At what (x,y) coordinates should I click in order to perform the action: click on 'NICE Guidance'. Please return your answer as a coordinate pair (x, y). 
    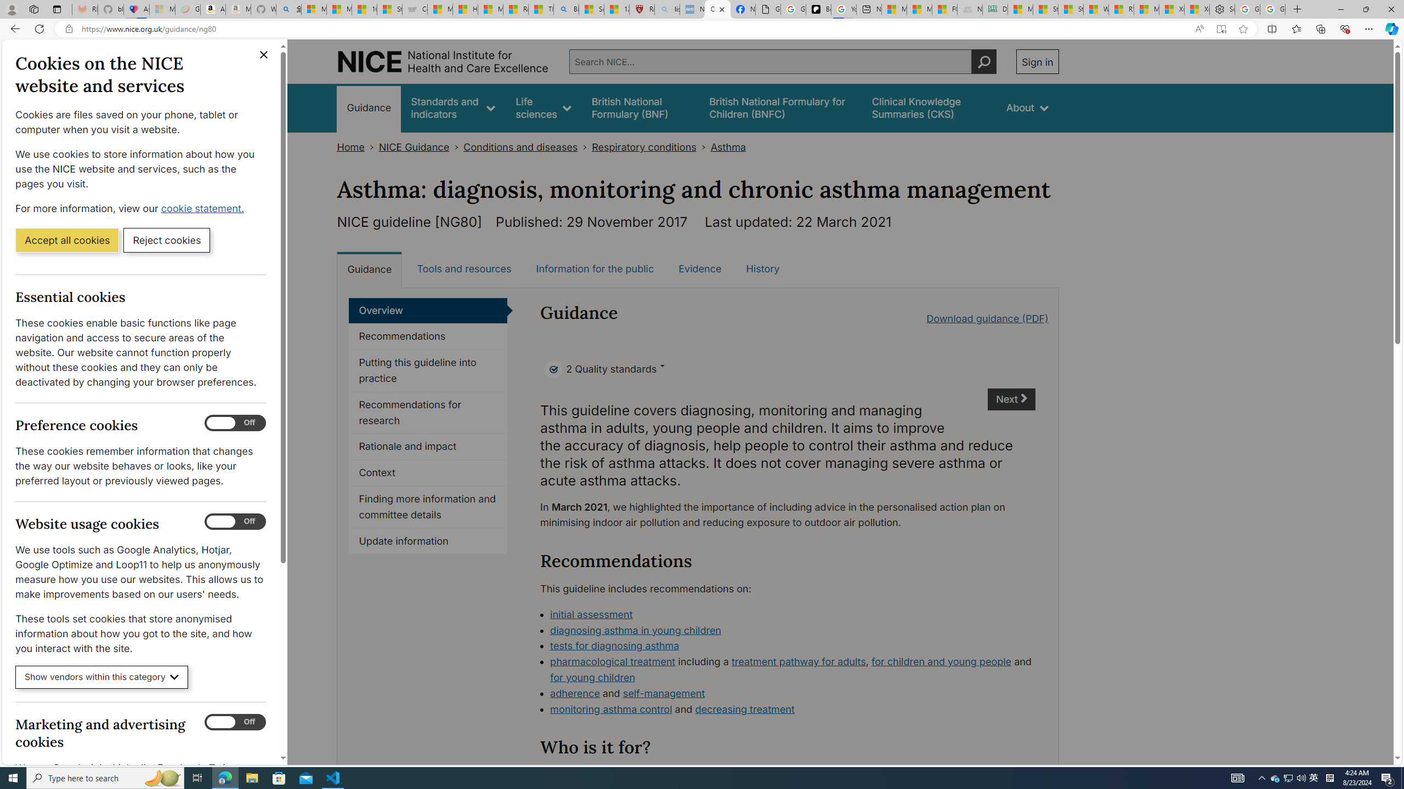
    Looking at the image, I should click on (414, 147).